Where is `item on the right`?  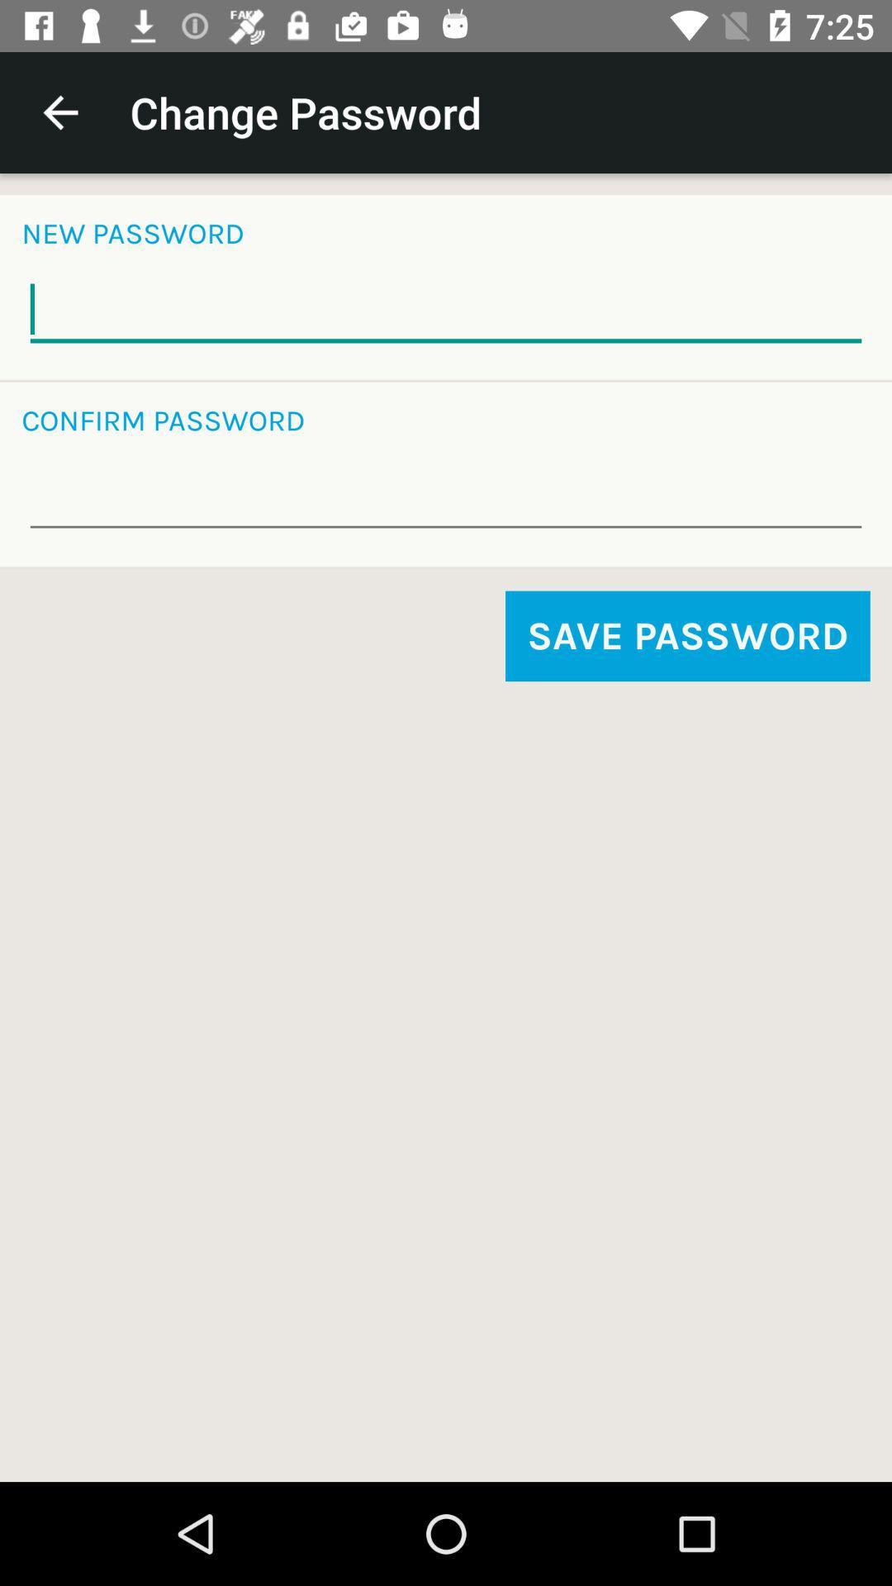
item on the right is located at coordinates (687, 635).